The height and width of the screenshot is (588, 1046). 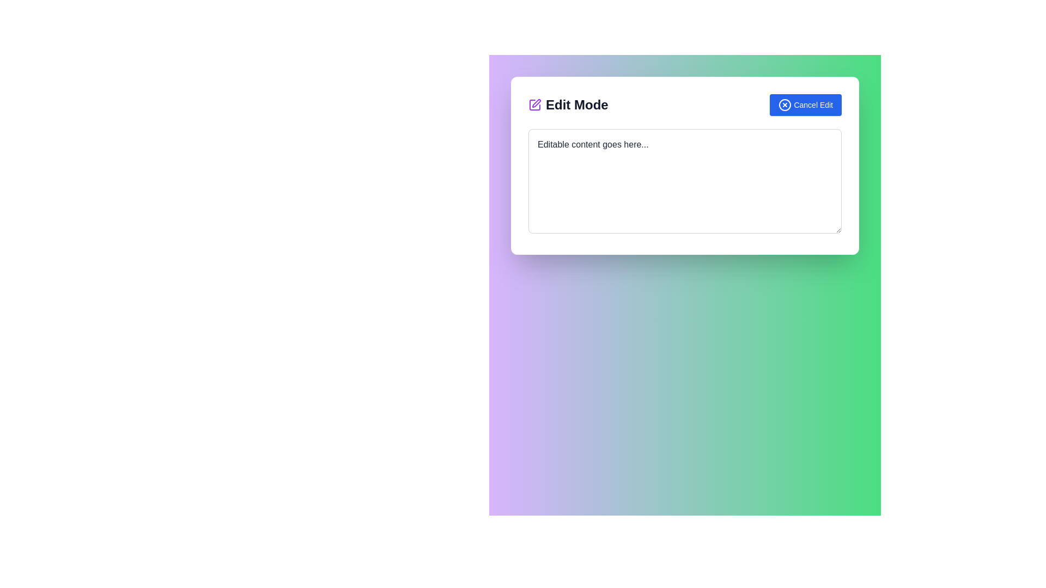 I want to click on the 'Edit Mode' icon, which serves as a symbolic identifier for edit-related actions, located to the far left of the header above the input section, so click(x=535, y=105).